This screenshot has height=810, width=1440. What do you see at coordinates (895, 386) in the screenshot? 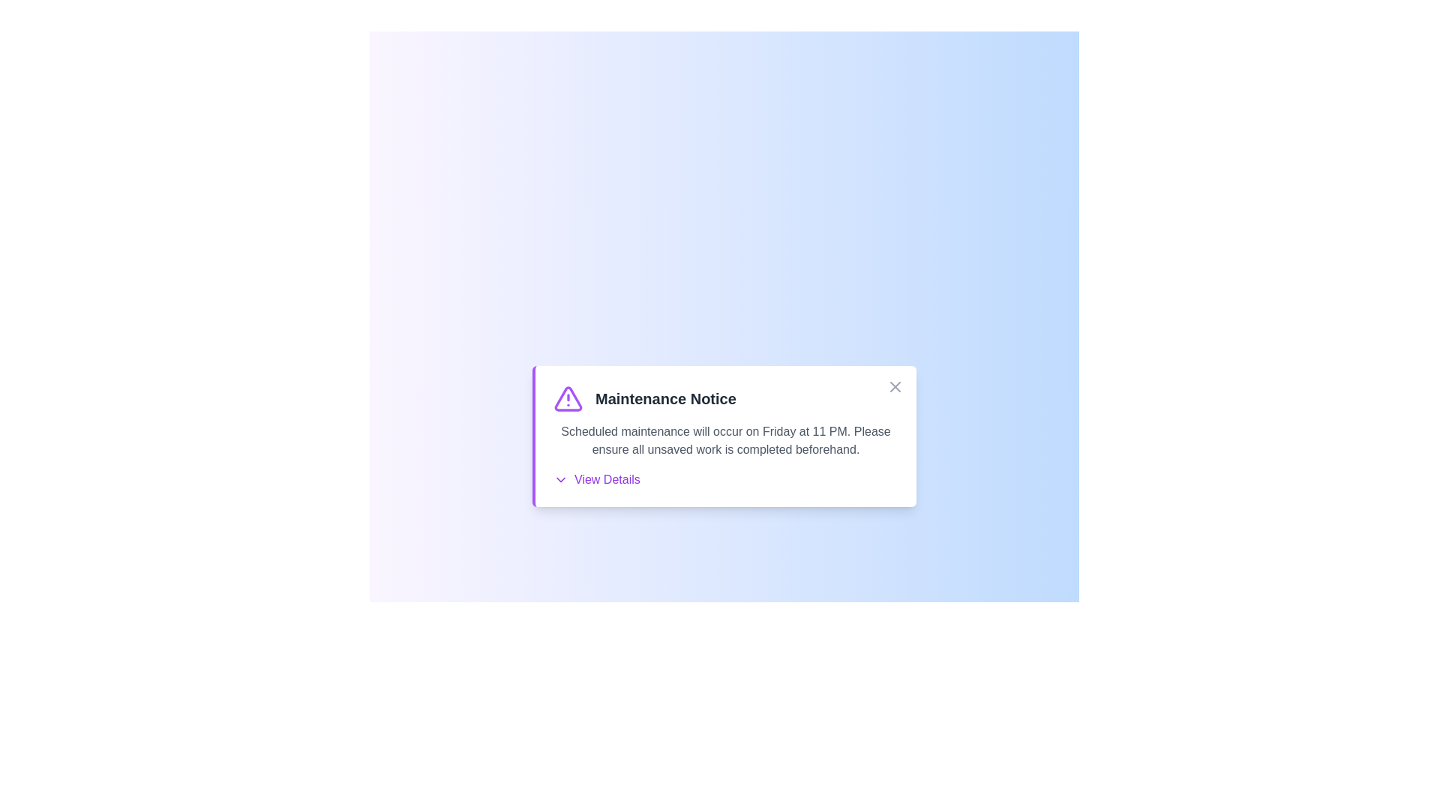
I see `close button in the top-right corner of the alert to close it` at bounding box center [895, 386].